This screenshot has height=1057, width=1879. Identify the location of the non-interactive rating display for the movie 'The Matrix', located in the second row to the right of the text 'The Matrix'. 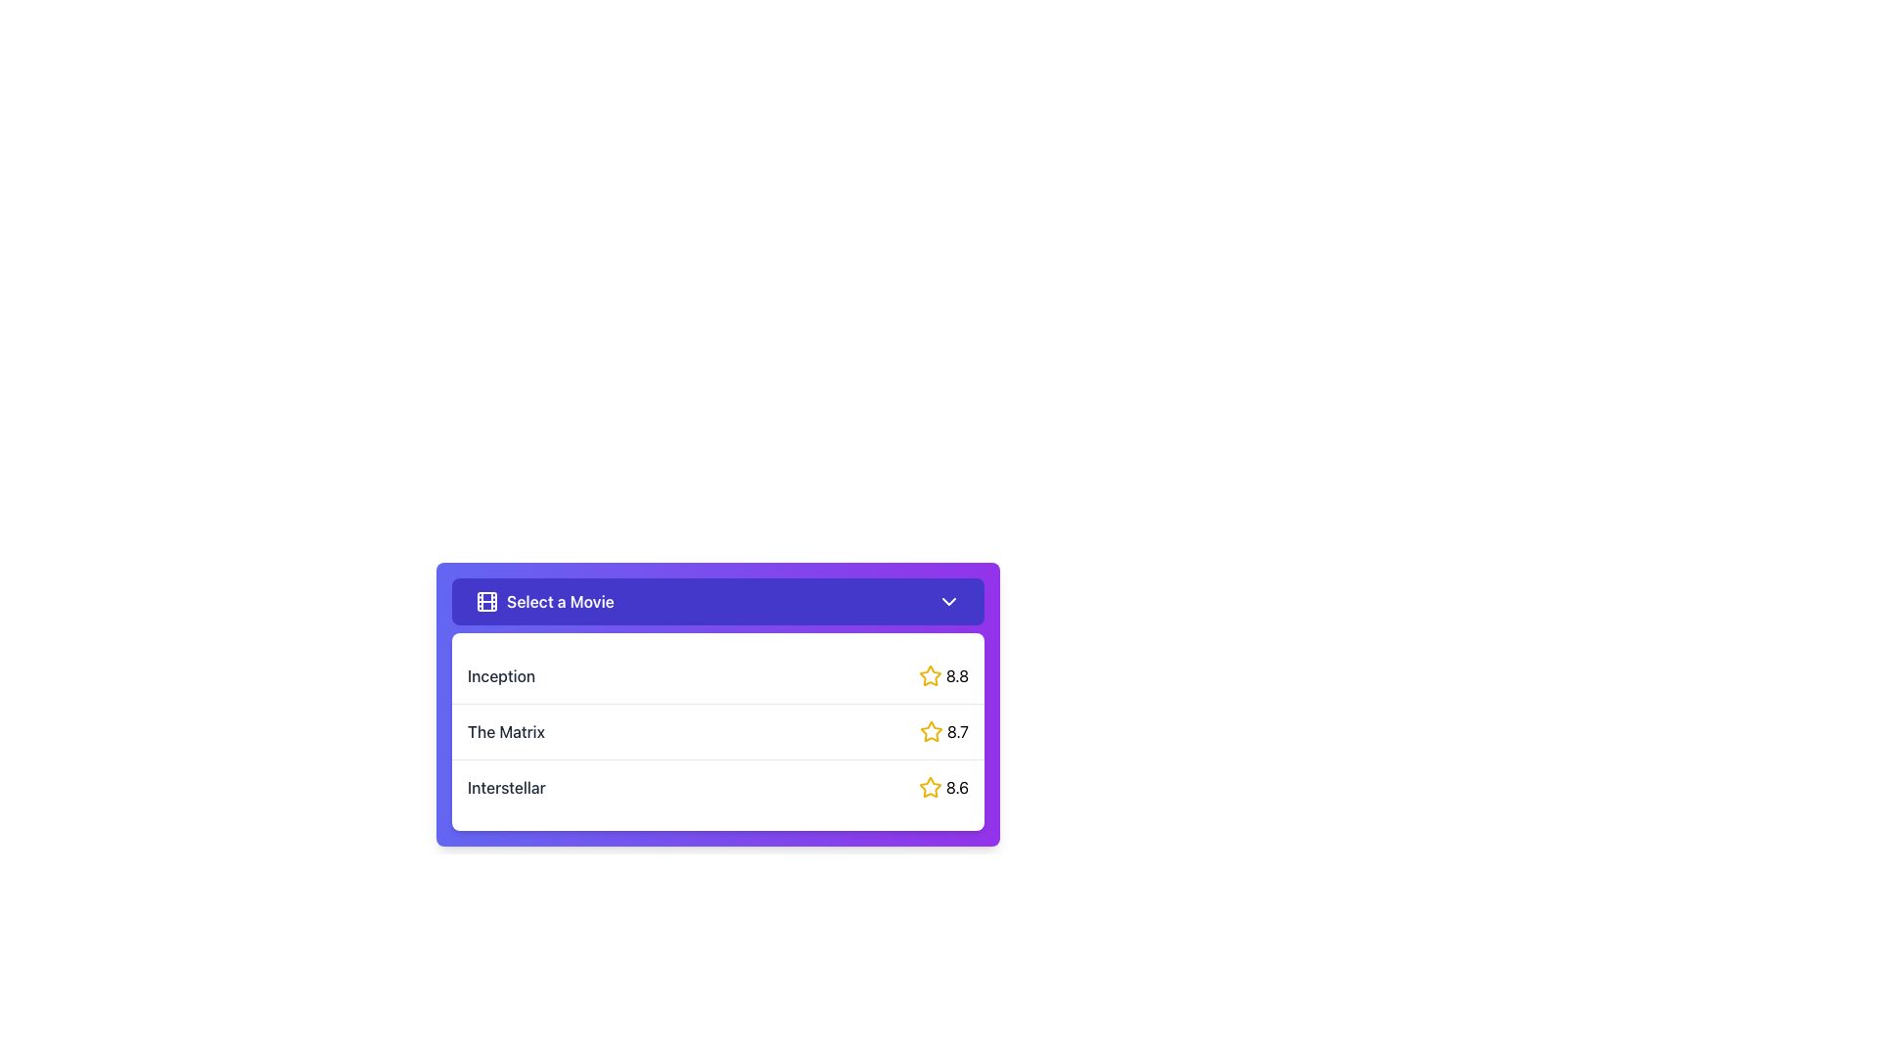
(943, 732).